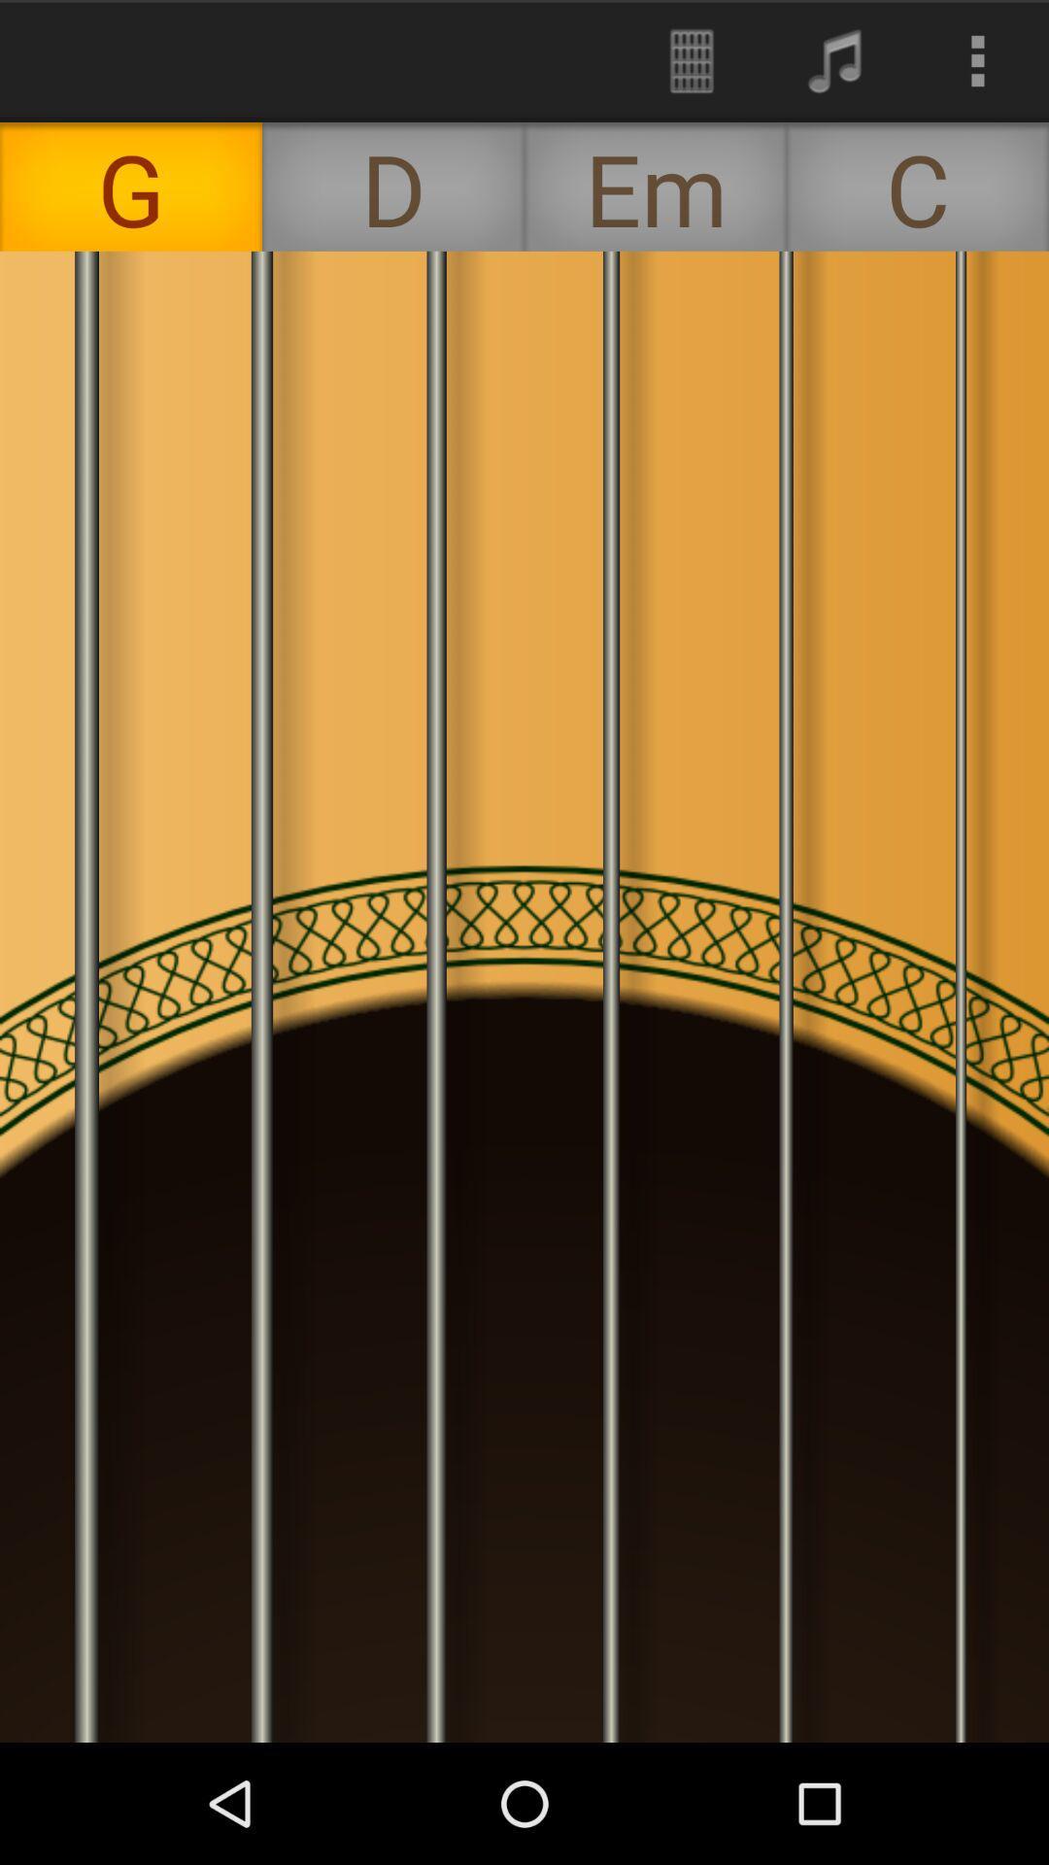  Describe the element at coordinates (691, 60) in the screenshot. I see `the item next to d item` at that location.